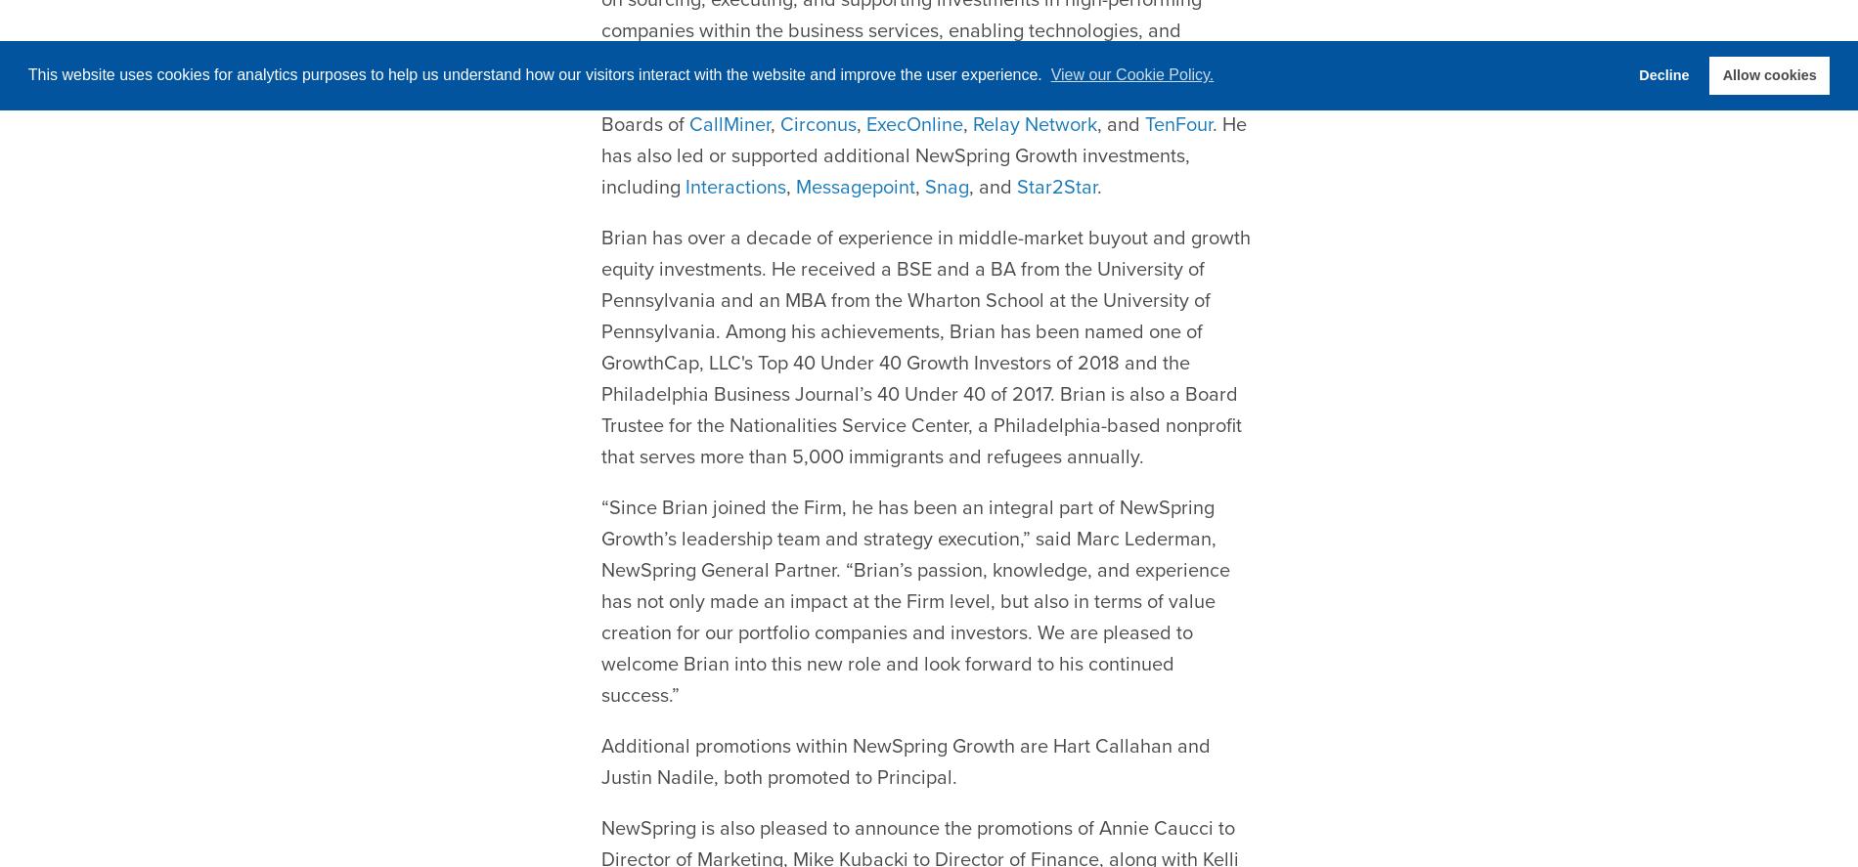 Image resolution: width=1858 pixels, height=867 pixels. Describe the element at coordinates (924, 299) in the screenshot. I see `'Brian has over a decade of experience in middle-market buyout and growth equity investments. He received a BSE and a BA from the University of Pennsylvania and an MBA from the Wharton School at the University of Pennsylvania. Among his achievements, Brian has been named one of GrowthCap, LLC's Top 40 Under 40 Growth Investors of 2018 and the Philadelphia Business Journal’s 40 Under 40 of 2017. Brian is also a Board Trustee for the Nationalities Service Center, a Philadelphia-based nonprofit that serves more than 5,000 immigrants and refugees annually.'` at that location.